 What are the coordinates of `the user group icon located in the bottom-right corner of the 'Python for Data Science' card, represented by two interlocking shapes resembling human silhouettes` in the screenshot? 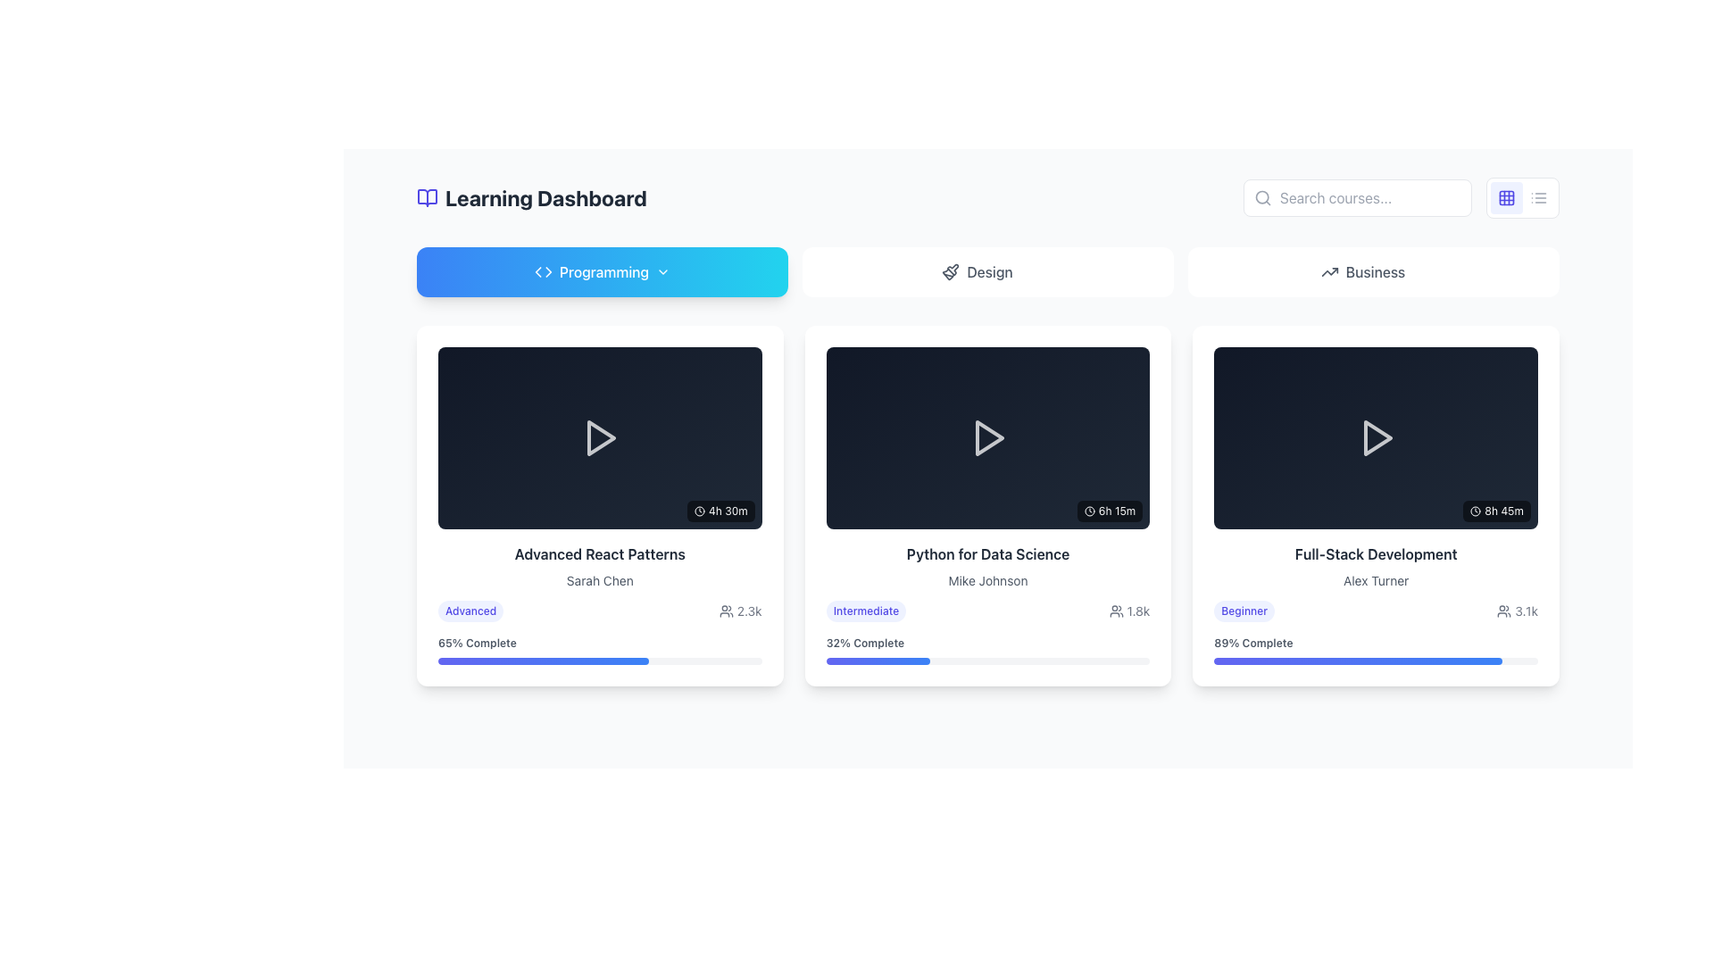 It's located at (1115, 611).